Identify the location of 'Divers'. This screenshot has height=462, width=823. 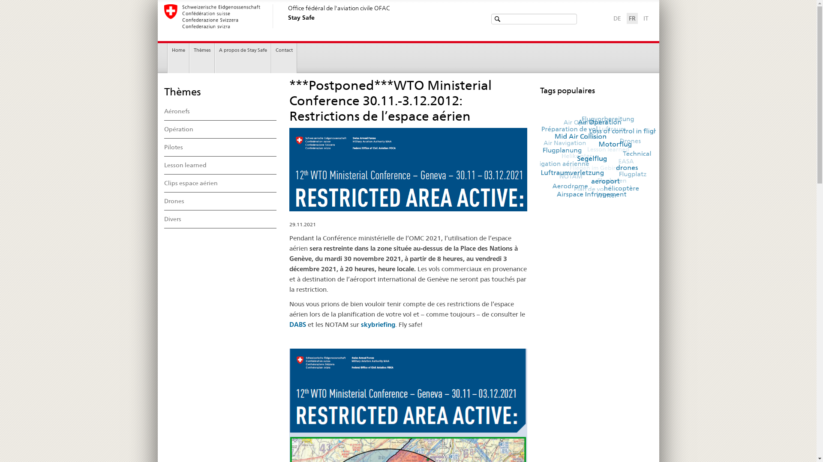
(220, 219).